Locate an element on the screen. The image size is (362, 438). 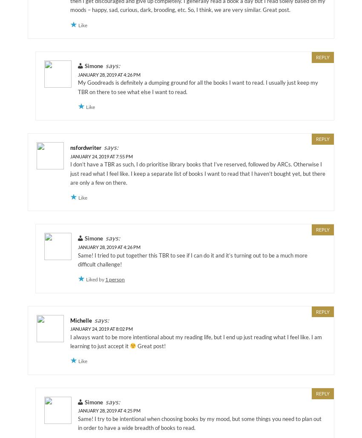
'My Goodreads is definitely a dumping ground for all the books I want to read. I usually just keep my TBR on there to see what else I want to read.' is located at coordinates (198, 87).